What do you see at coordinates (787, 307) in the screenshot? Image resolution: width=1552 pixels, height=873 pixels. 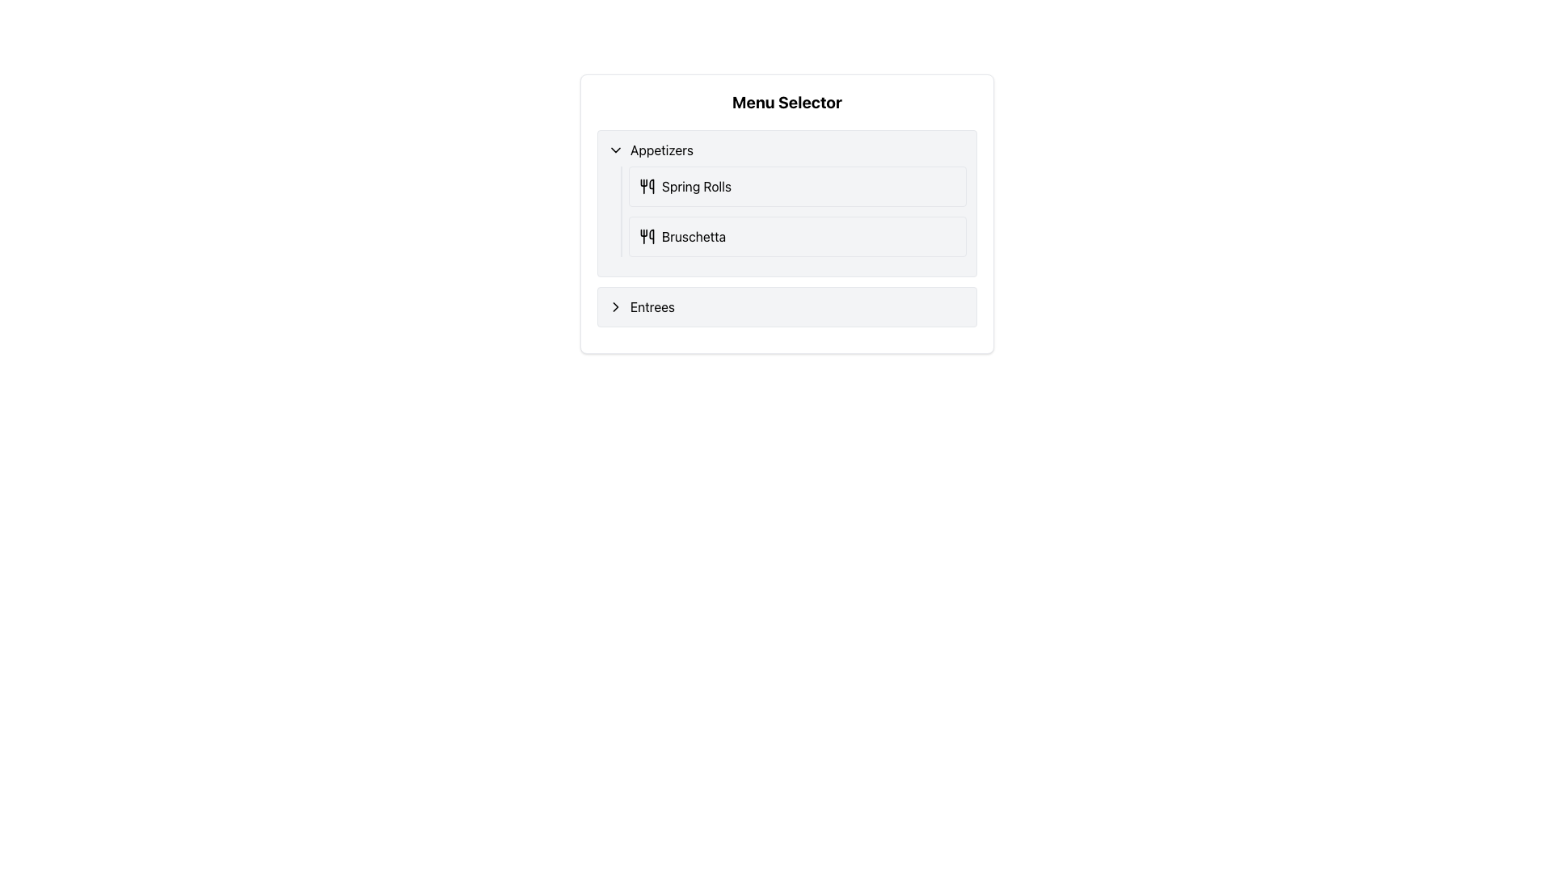 I see `the 'Entrees' menu item located below the 'Appetizers' section` at bounding box center [787, 307].